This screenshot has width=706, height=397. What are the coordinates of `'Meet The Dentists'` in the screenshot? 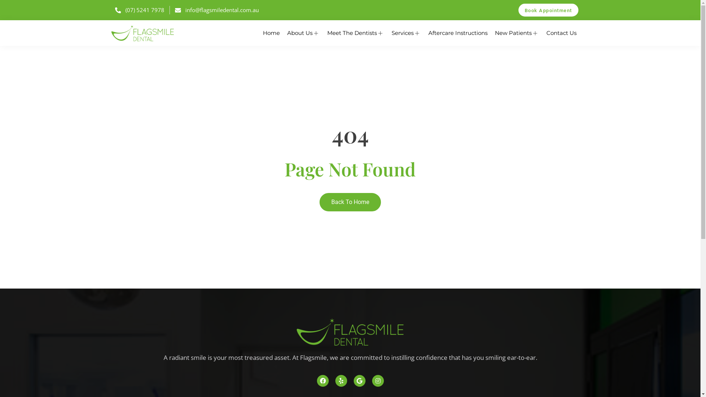 It's located at (356, 32).